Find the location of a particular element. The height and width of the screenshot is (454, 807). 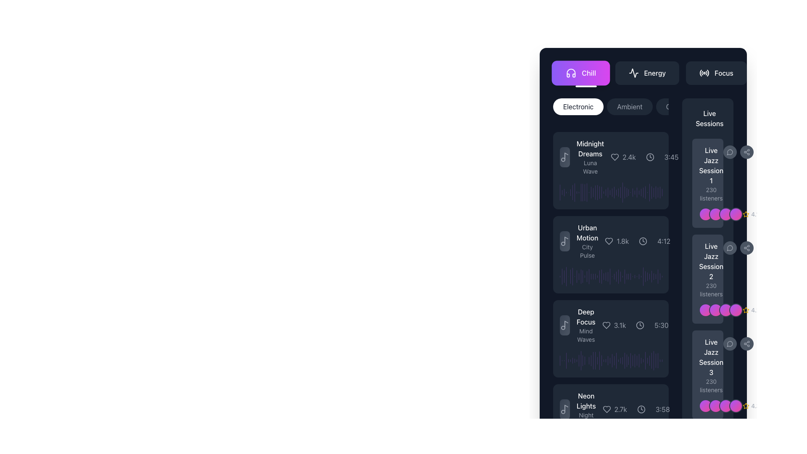

the first circular graphic element with a gradient color transitioning from purple to pink, surrounded by a gray border, located in a horizontal row of identical elements next to the music session card is located at coordinates (706, 214).